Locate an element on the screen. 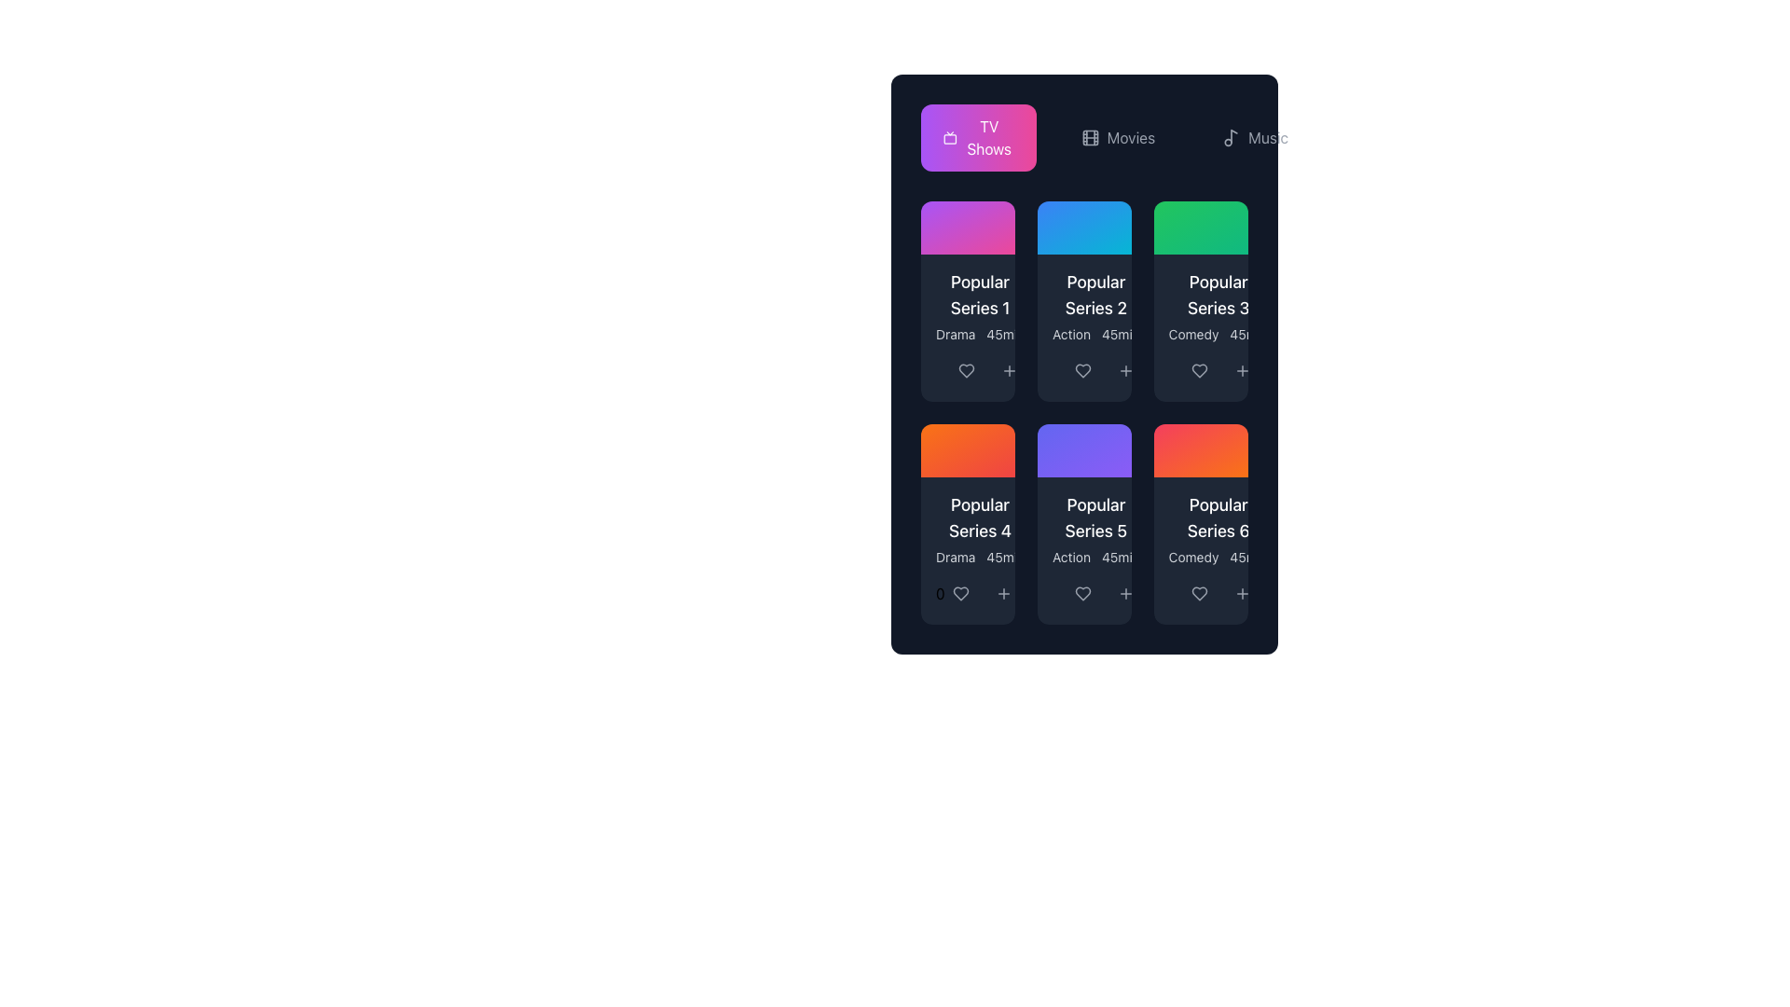  the TextLabel displaying 'Popular Series 4', which is styled in white font on a dark background and includes genre and duration information is located at coordinates (968, 529).